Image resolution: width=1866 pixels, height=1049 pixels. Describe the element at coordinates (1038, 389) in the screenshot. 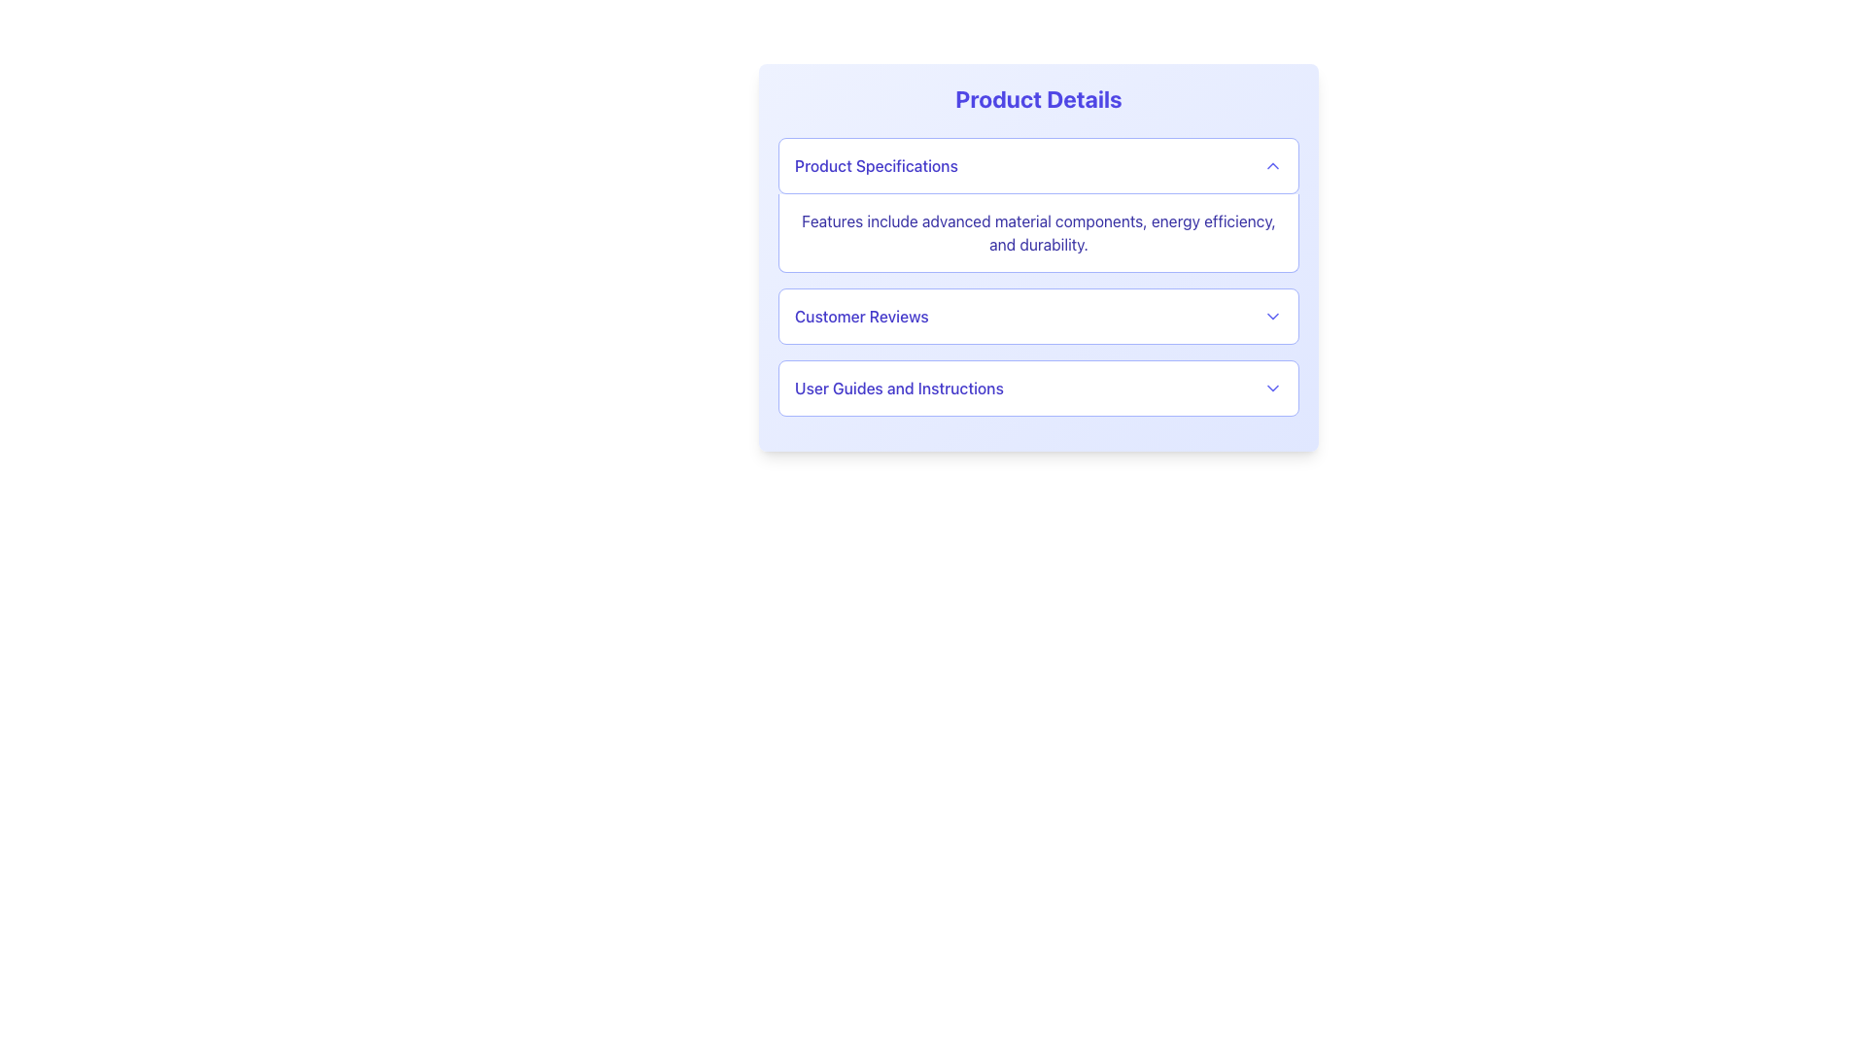

I see `the third Collapsible Button under the 'Product Details' section` at that location.